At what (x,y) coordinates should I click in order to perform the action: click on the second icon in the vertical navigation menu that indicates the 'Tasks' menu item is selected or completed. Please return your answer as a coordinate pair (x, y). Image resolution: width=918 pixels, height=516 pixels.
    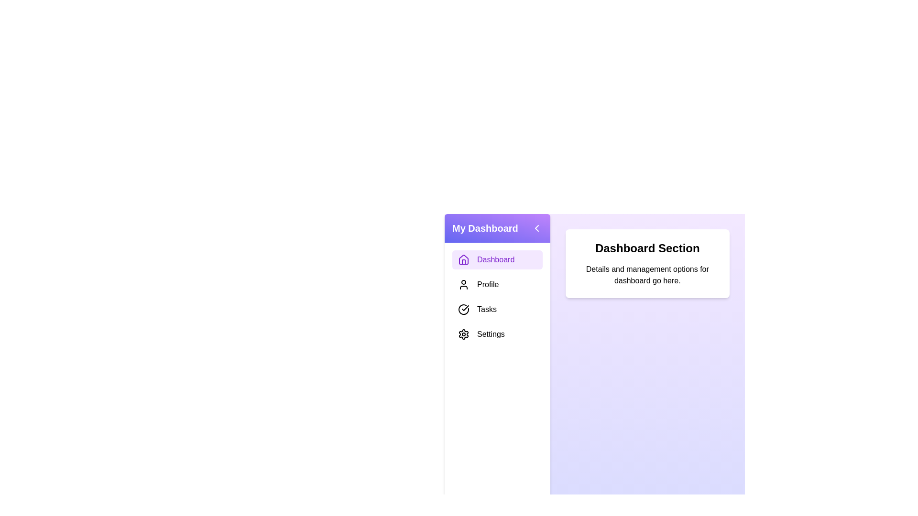
    Looking at the image, I should click on (463, 310).